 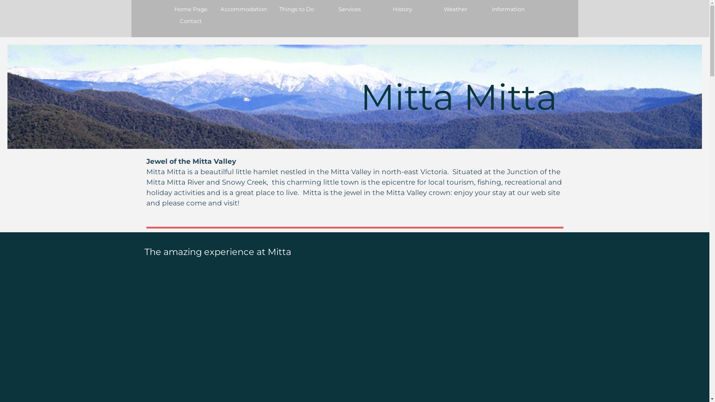 What do you see at coordinates (244, 9) in the screenshot?
I see `'Accommodation'` at bounding box center [244, 9].